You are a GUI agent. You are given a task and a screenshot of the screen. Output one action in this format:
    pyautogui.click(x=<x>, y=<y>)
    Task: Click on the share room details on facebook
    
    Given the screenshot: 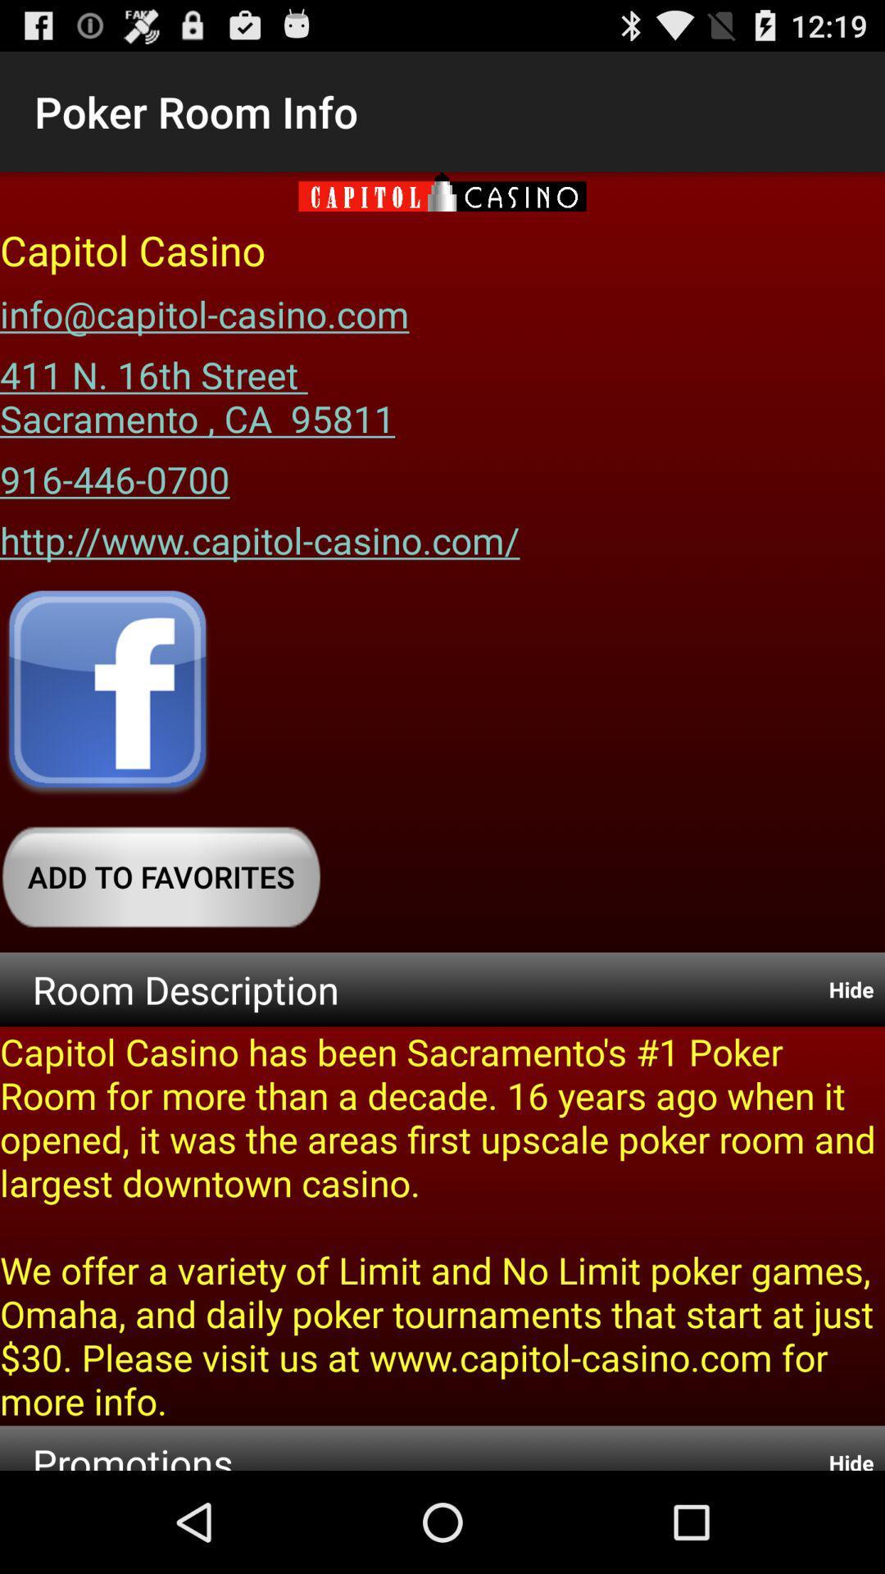 What is the action you would take?
    pyautogui.click(x=107, y=694)
    